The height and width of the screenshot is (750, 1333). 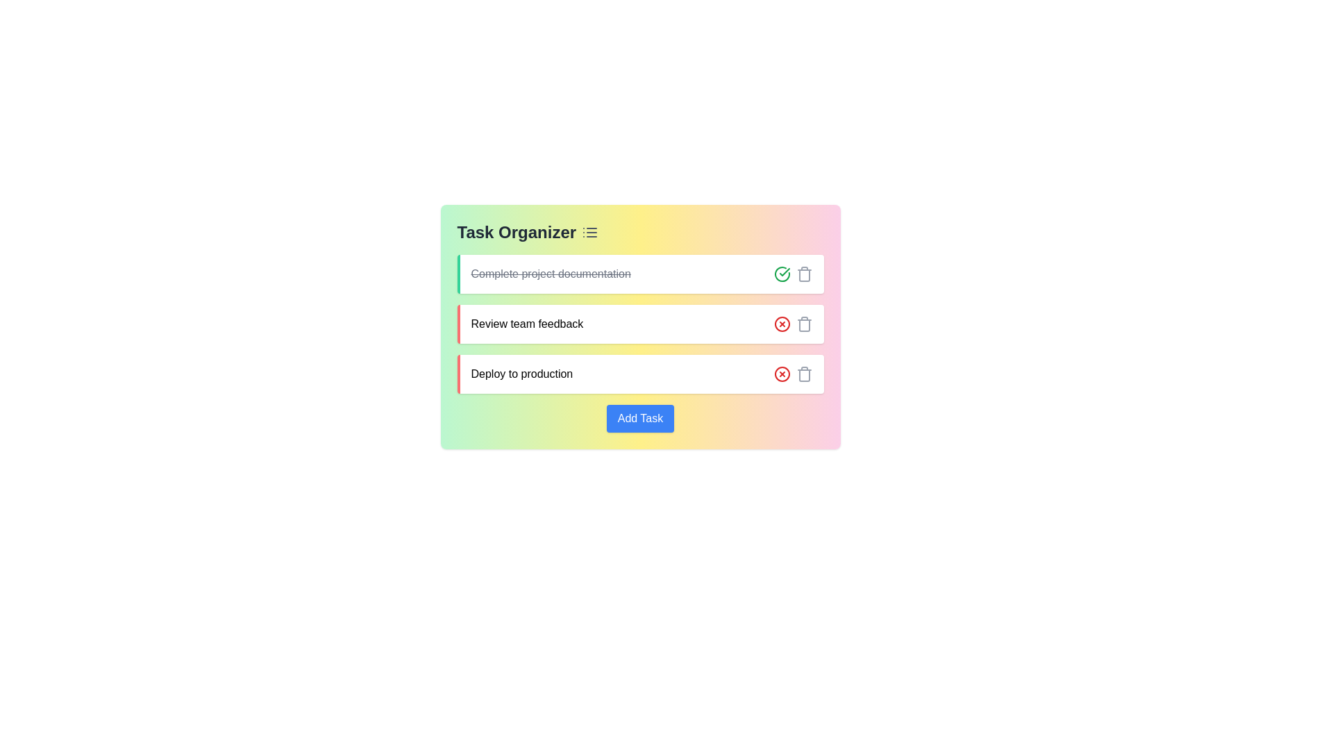 I want to click on the 'Delete' button icon located to the far right of the text field labeled 'Review team feedback', so click(x=804, y=374).